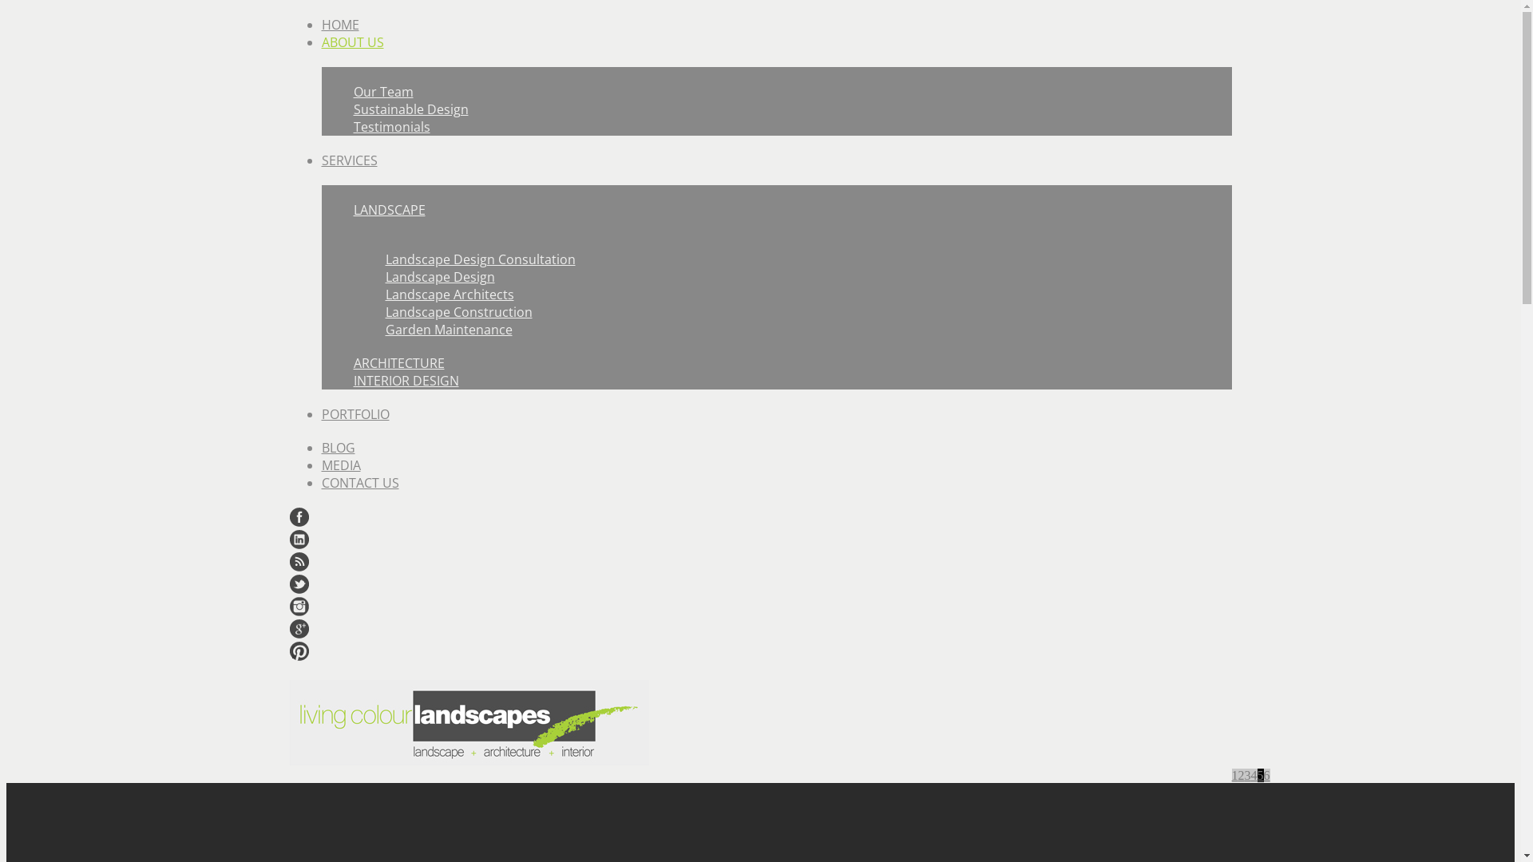 The image size is (1533, 862). Describe the element at coordinates (1252, 774) in the screenshot. I see `'4'` at that location.